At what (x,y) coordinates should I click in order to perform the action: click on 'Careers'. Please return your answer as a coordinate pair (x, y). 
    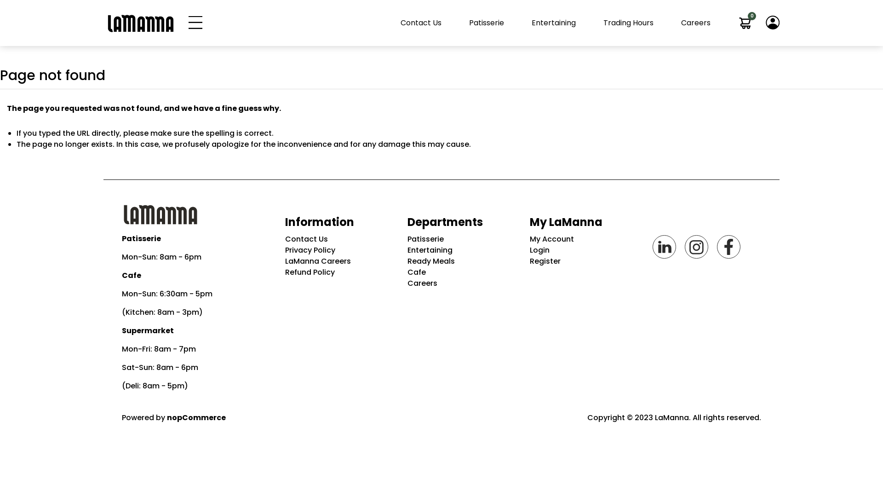
    Looking at the image, I should click on (461, 283).